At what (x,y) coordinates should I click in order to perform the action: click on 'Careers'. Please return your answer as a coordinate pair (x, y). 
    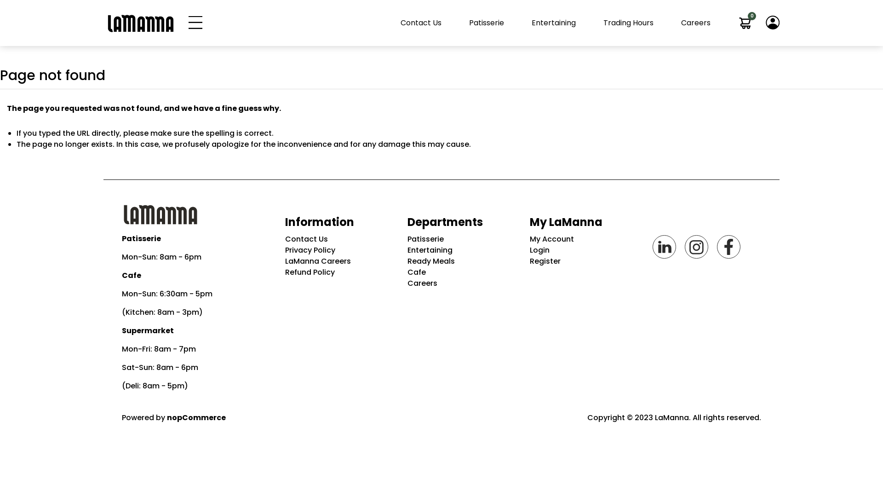
    Looking at the image, I should click on (461, 283).